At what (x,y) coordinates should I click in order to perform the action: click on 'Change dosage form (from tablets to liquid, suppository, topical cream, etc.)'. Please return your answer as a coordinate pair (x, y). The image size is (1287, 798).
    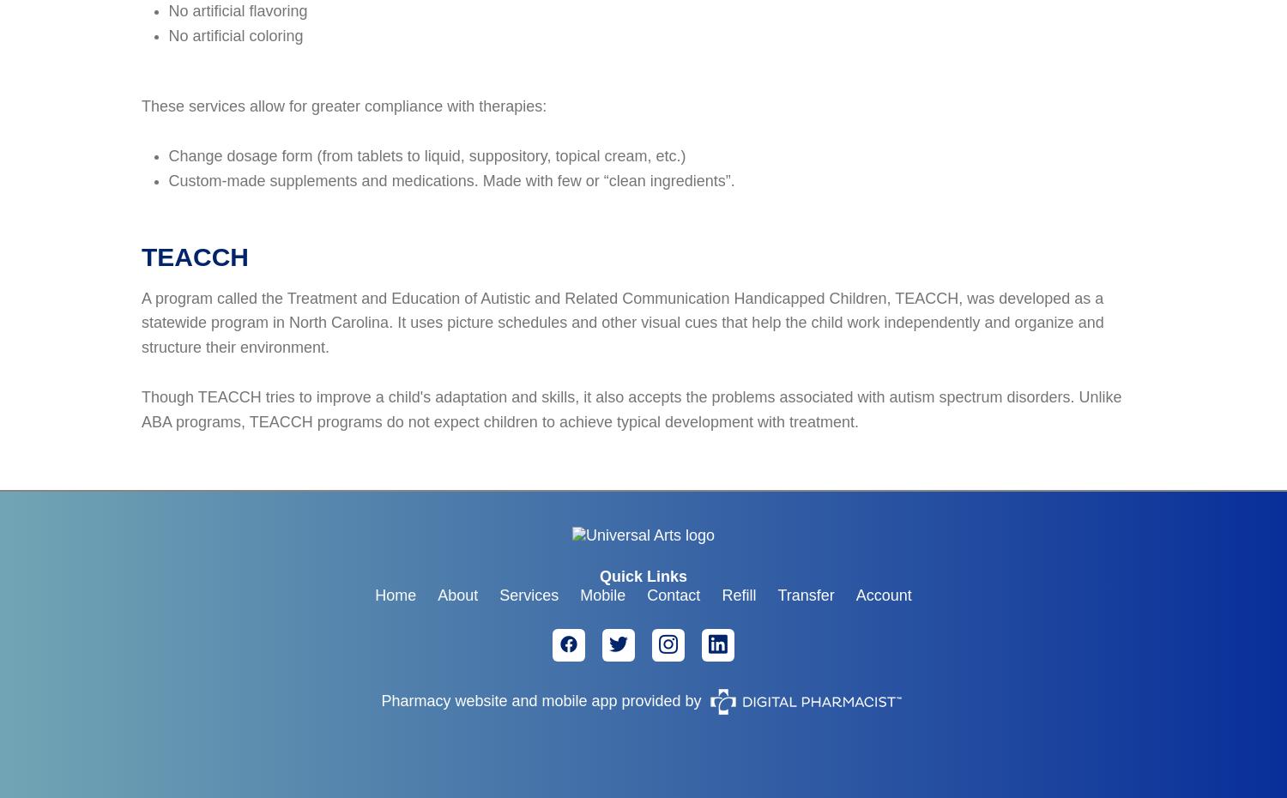
    Looking at the image, I should click on (426, 155).